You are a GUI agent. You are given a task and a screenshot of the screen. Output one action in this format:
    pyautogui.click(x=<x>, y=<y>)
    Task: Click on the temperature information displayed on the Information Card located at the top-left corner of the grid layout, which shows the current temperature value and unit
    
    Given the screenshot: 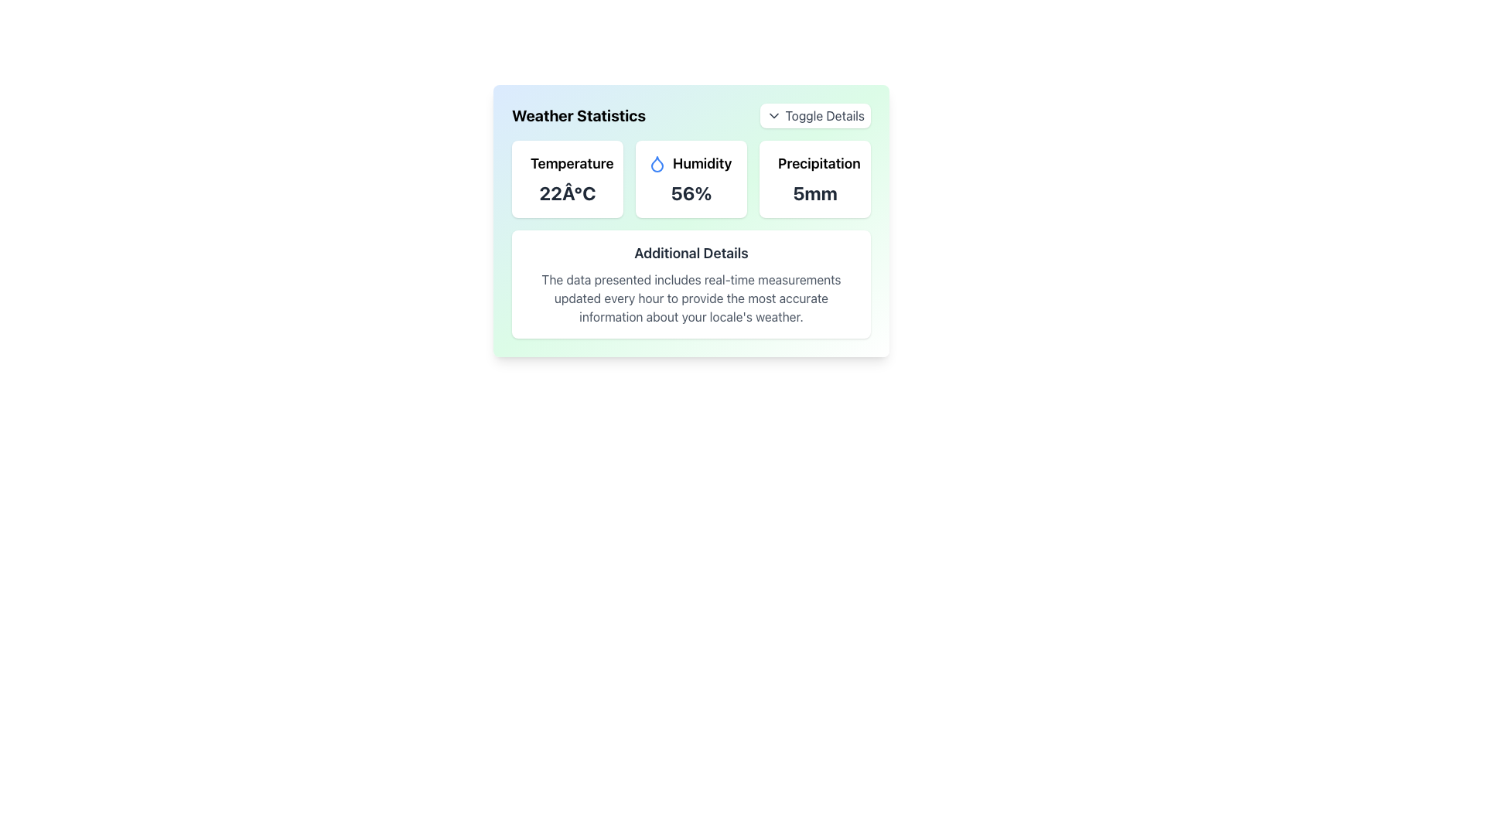 What is the action you would take?
    pyautogui.click(x=567, y=178)
    